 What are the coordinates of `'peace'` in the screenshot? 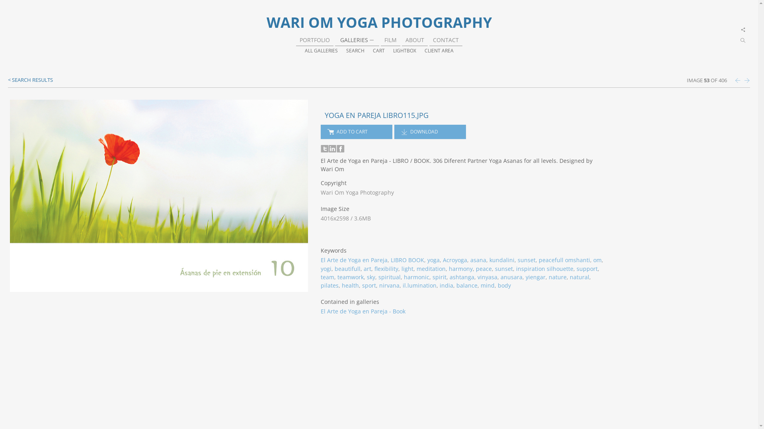 It's located at (483, 268).